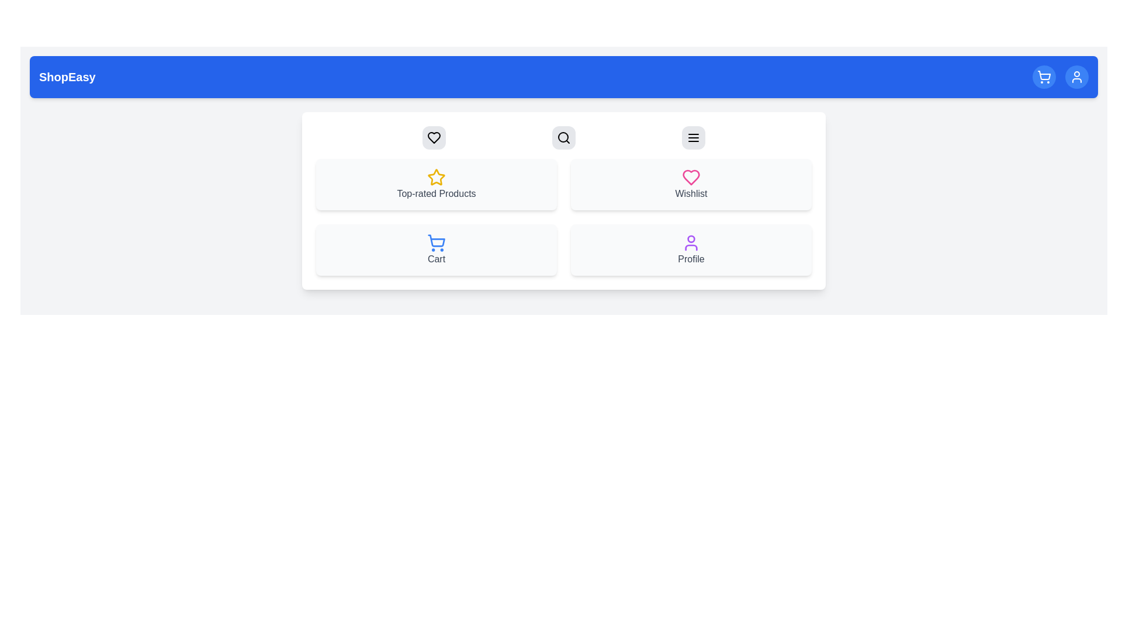  Describe the element at coordinates (436, 177) in the screenshot. I see `the yellow star icon in the 'Top-rated Products' section, which is styled with thin lines and a hollow center, located above the label 'Top-rated Products'` at that location.